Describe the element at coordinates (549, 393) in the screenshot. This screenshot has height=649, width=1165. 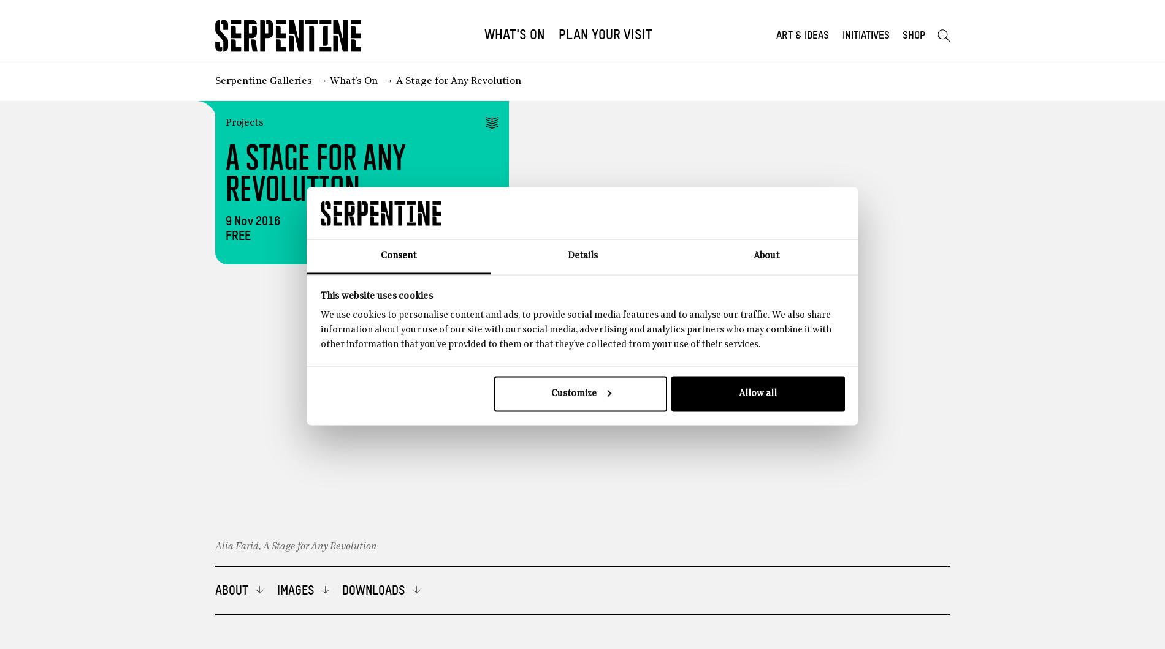
I see `'Customize'` at that location.